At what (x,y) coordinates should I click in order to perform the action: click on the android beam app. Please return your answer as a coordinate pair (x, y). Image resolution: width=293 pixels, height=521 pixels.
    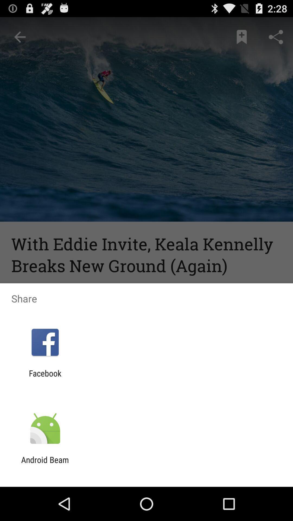
    Looking at the image, I should click on (45, 464).